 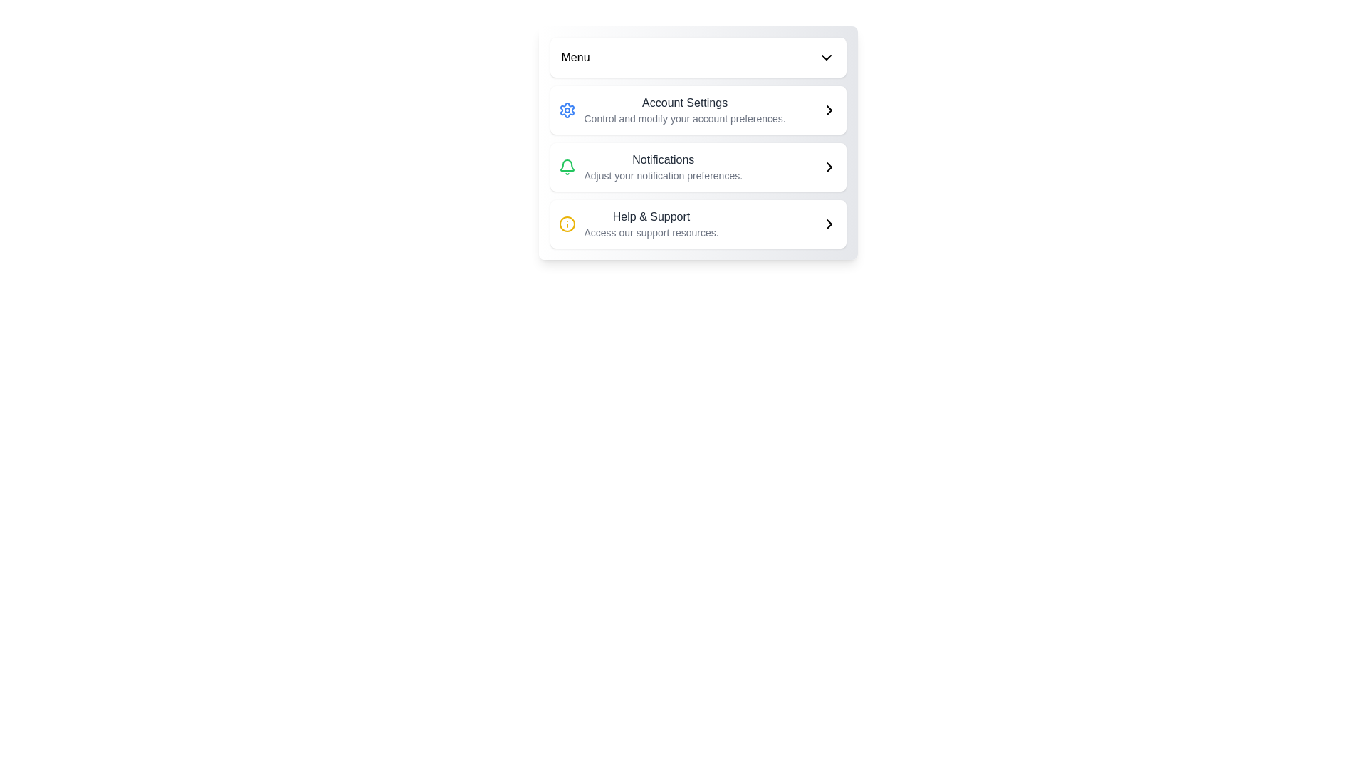 I want to click on the Chevron icon element, which is a right arrow styled with rounded edges, located on the right side of the 'Account Settings' section in the vertically stacked menu interface, so click(x=829, y=109).